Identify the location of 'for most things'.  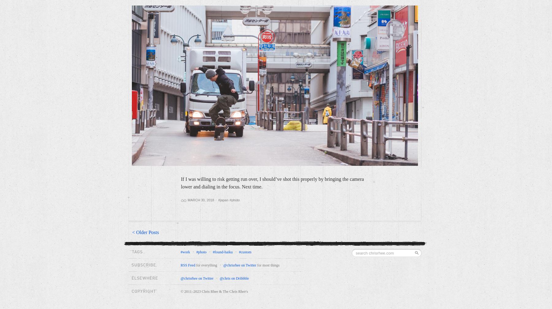
(268, 265).